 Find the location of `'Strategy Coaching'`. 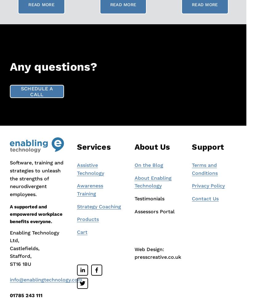

'Strategy Coaching' is located at coordinates (98, 206).